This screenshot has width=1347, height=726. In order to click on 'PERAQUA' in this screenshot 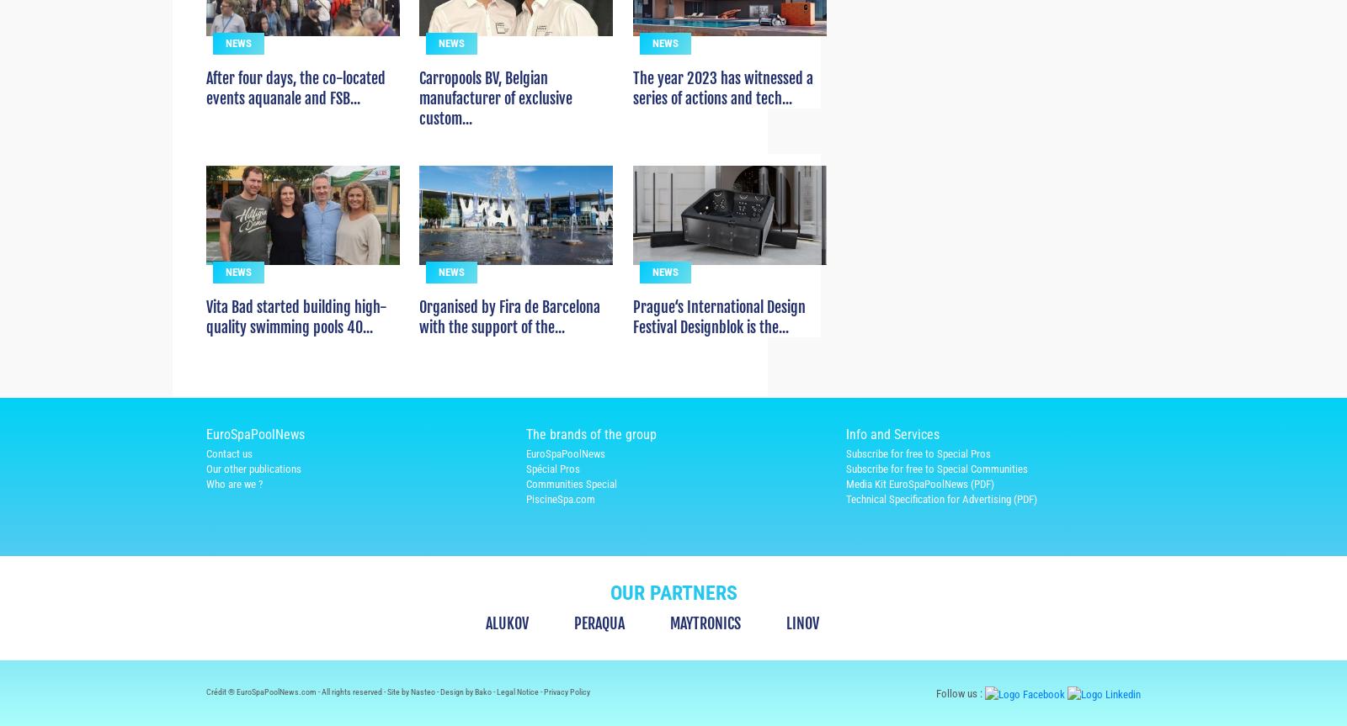, I will do `click(601, 653)`.